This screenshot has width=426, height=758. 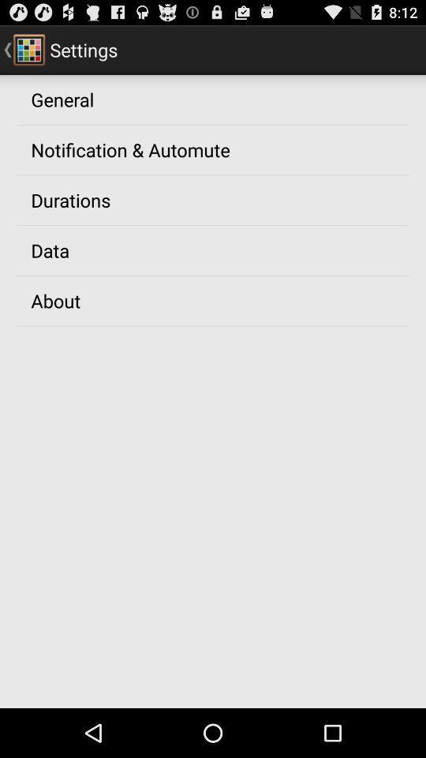 What do you see at coordinates (50, 250) in the screenshot?
I see `the data` at bounding box center [50, 250].